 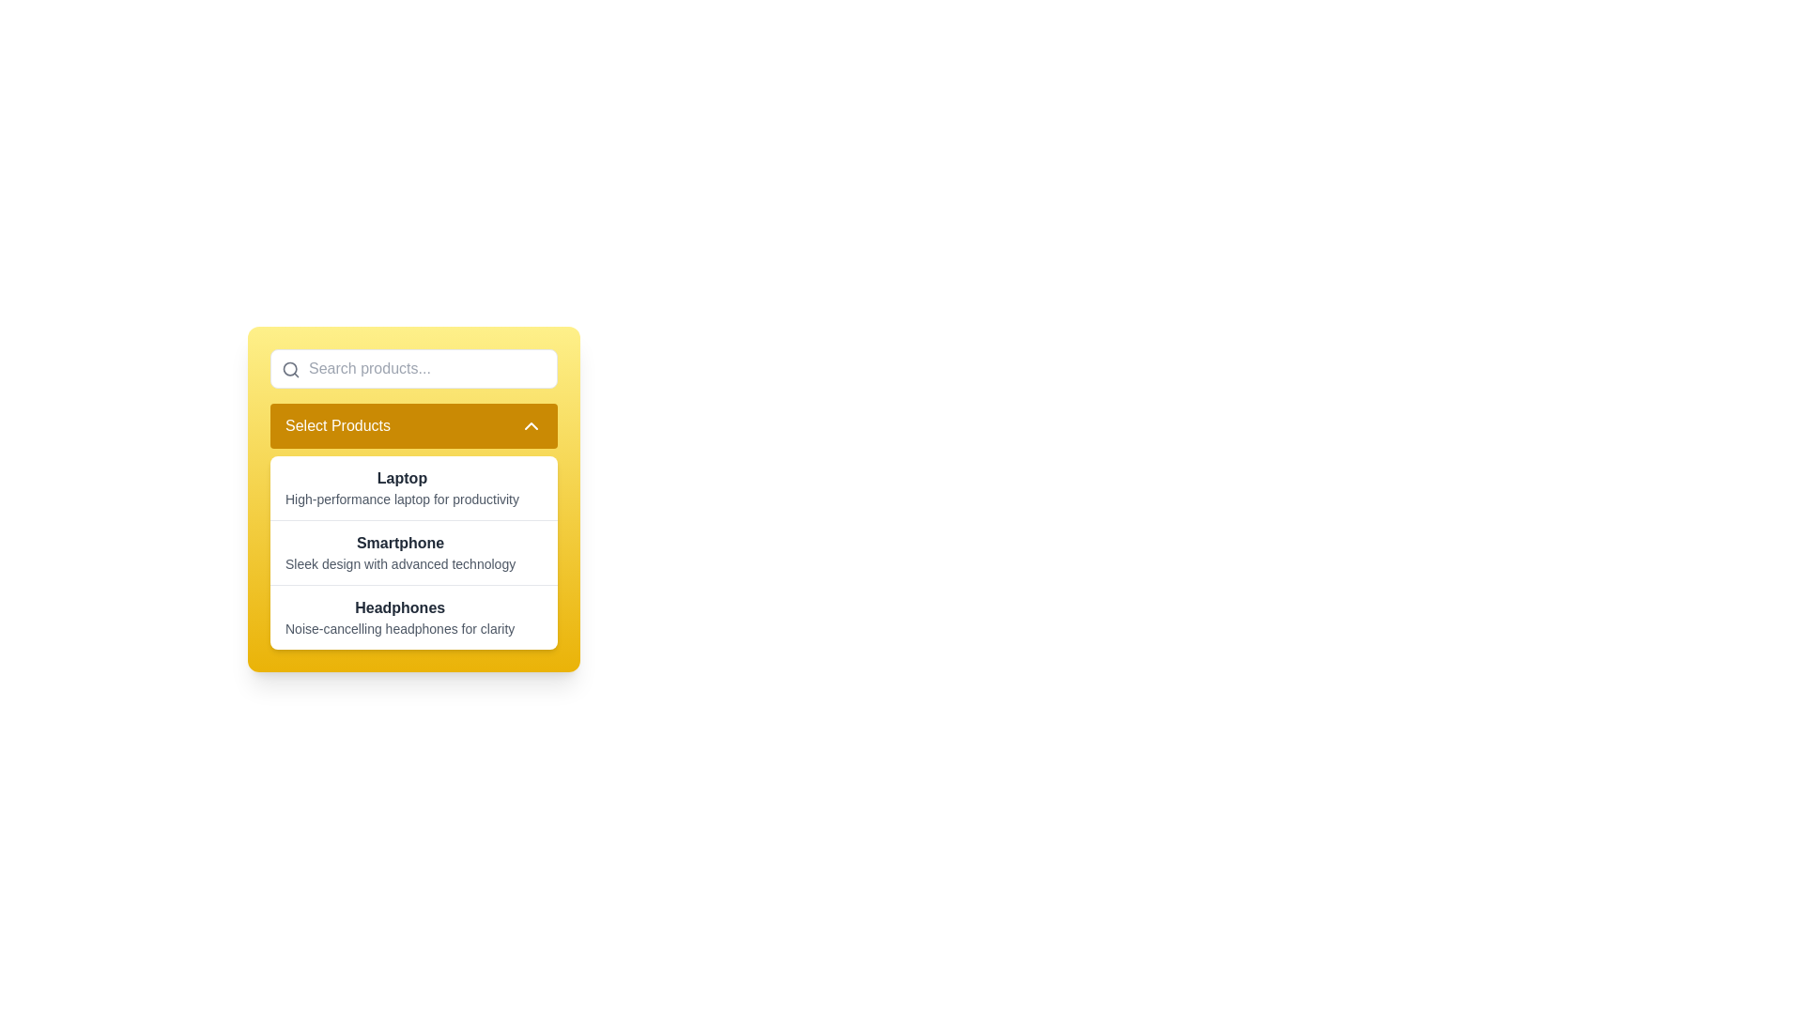 I want to click on details of the first item in the list, which is a Text Display containing the title 'Laptop' and subtitle 'High-performance laptop for productivity', so click(x=401, y=487).